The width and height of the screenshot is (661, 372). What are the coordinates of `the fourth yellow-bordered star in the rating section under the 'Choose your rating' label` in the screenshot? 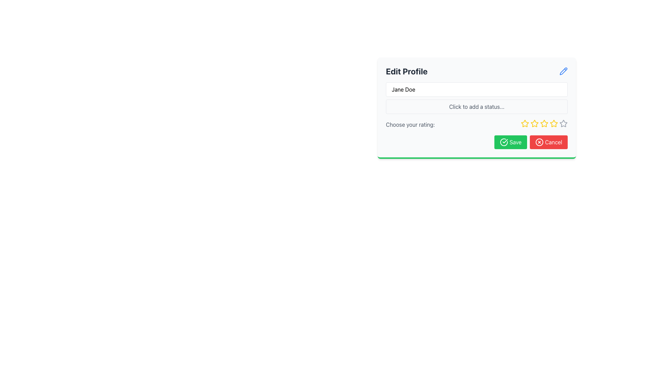 It's located at (554, 123).